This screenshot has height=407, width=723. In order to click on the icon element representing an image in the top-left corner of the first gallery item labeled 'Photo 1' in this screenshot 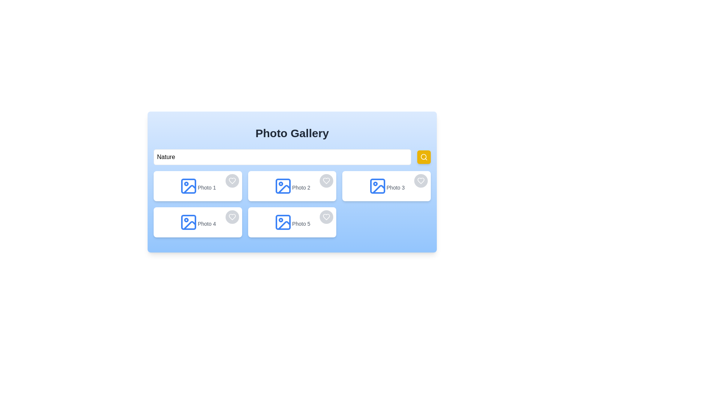, I will do `click(190, 189)`.